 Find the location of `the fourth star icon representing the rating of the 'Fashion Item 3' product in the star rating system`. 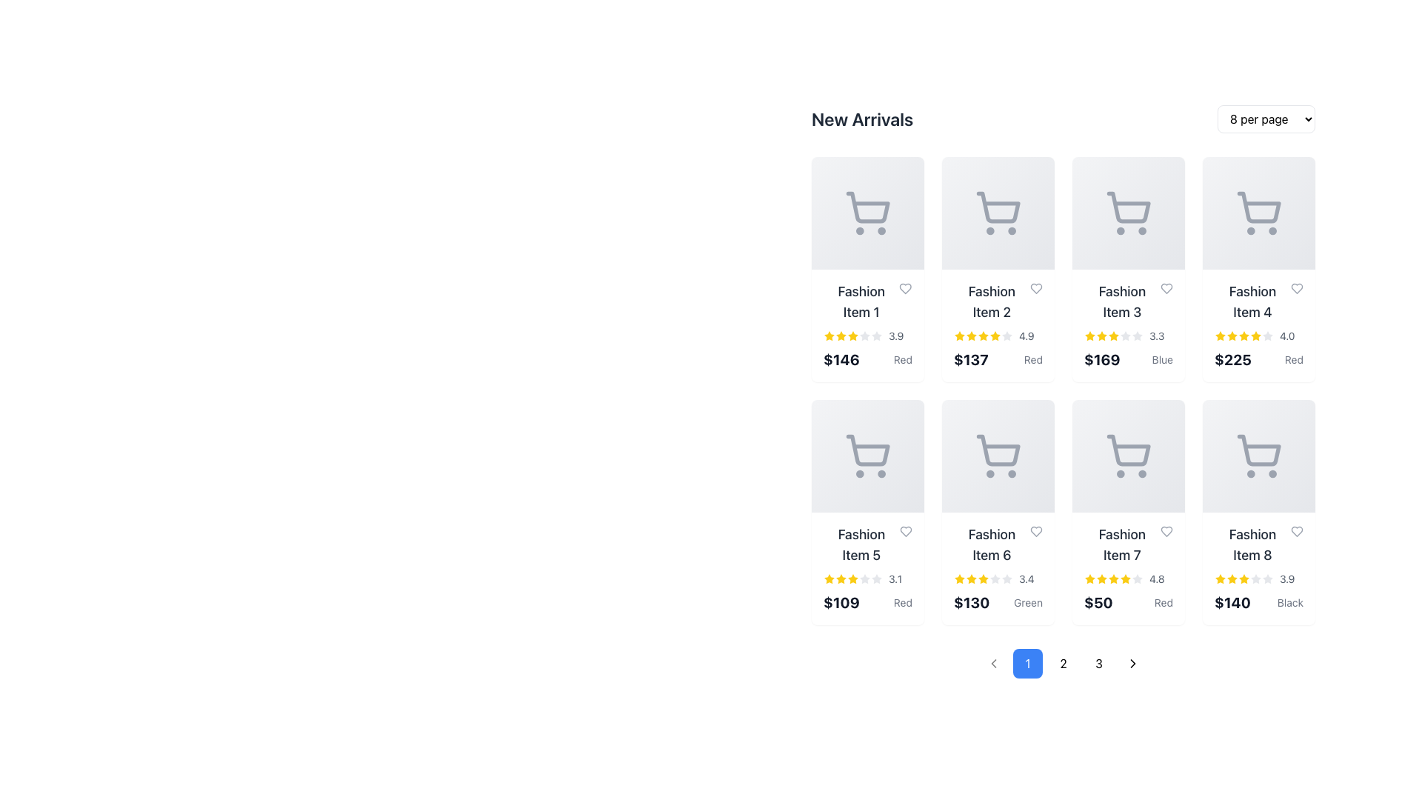

the fourth star icon representing the rating of the 'Fashion Item 3' product in the star rating system is located at coordinates (1113, 336).